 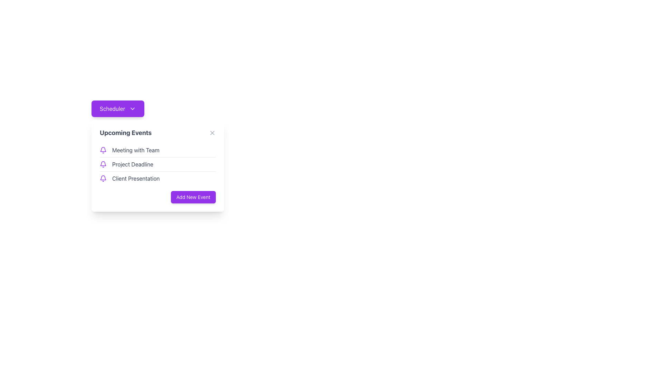 What do you see at coordinates (133, 109) in the screenshot?
I see `the chevron down icon located on the right side of the 'Scheduler' button` at bounding box center [133, 109].